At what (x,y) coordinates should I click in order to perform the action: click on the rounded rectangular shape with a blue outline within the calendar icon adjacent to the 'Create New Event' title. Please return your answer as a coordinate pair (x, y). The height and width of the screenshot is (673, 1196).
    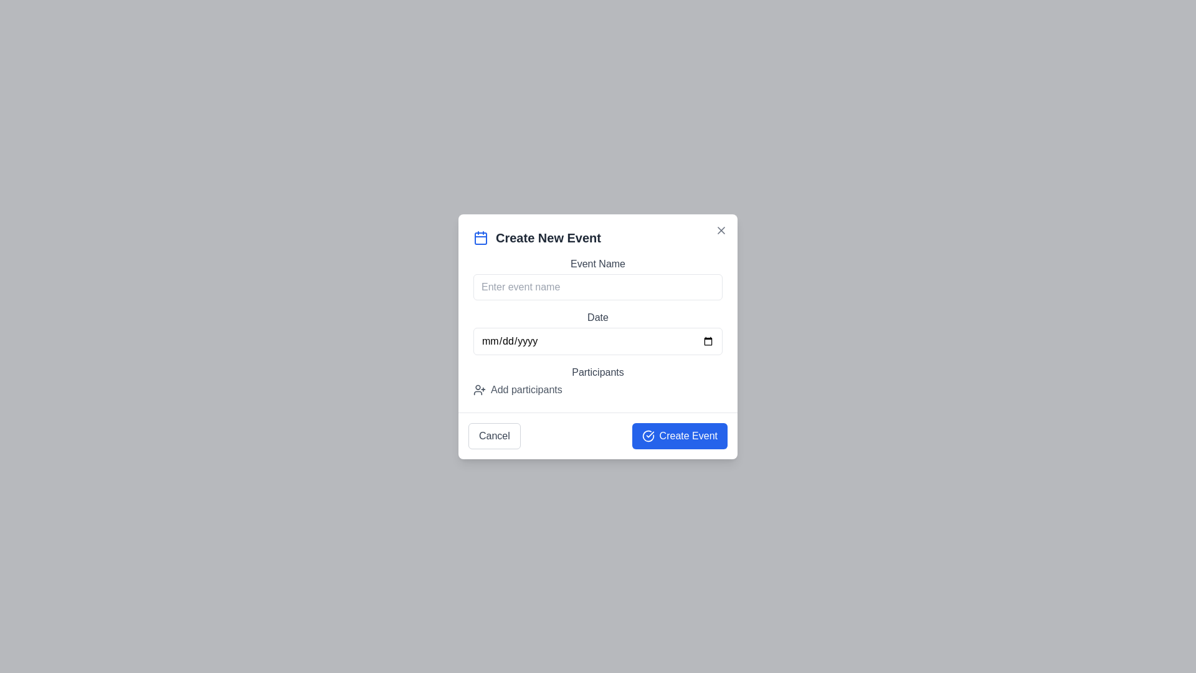
    Looking at the image, I should click on (480, 238).